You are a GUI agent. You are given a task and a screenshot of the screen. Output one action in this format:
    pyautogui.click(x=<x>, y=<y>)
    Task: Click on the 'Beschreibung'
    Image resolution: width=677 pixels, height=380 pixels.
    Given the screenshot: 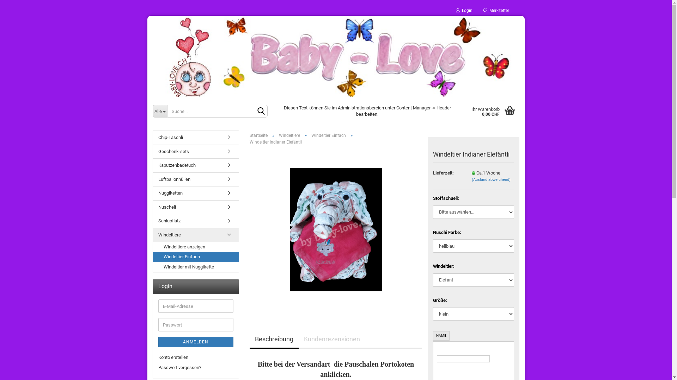 What is the action you would take?
    pyautogui.click(x=274, y=339)
    